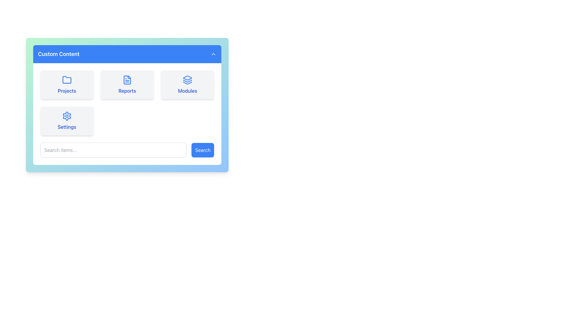 Image resolution: width=579 pixels, height=325 pixels. Describe the element at coordinates (187, 91) in the screenshot. I see `the Text Label that identifies the purpose of the blue stack-like icon above it in the 'Custom Content' panel` at that location.